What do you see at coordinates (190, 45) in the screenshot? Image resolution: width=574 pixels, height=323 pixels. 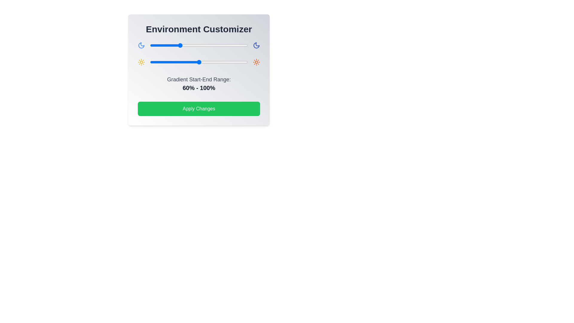 I see `the gradient slider 0 to 83` at bounding box center [190, 45].